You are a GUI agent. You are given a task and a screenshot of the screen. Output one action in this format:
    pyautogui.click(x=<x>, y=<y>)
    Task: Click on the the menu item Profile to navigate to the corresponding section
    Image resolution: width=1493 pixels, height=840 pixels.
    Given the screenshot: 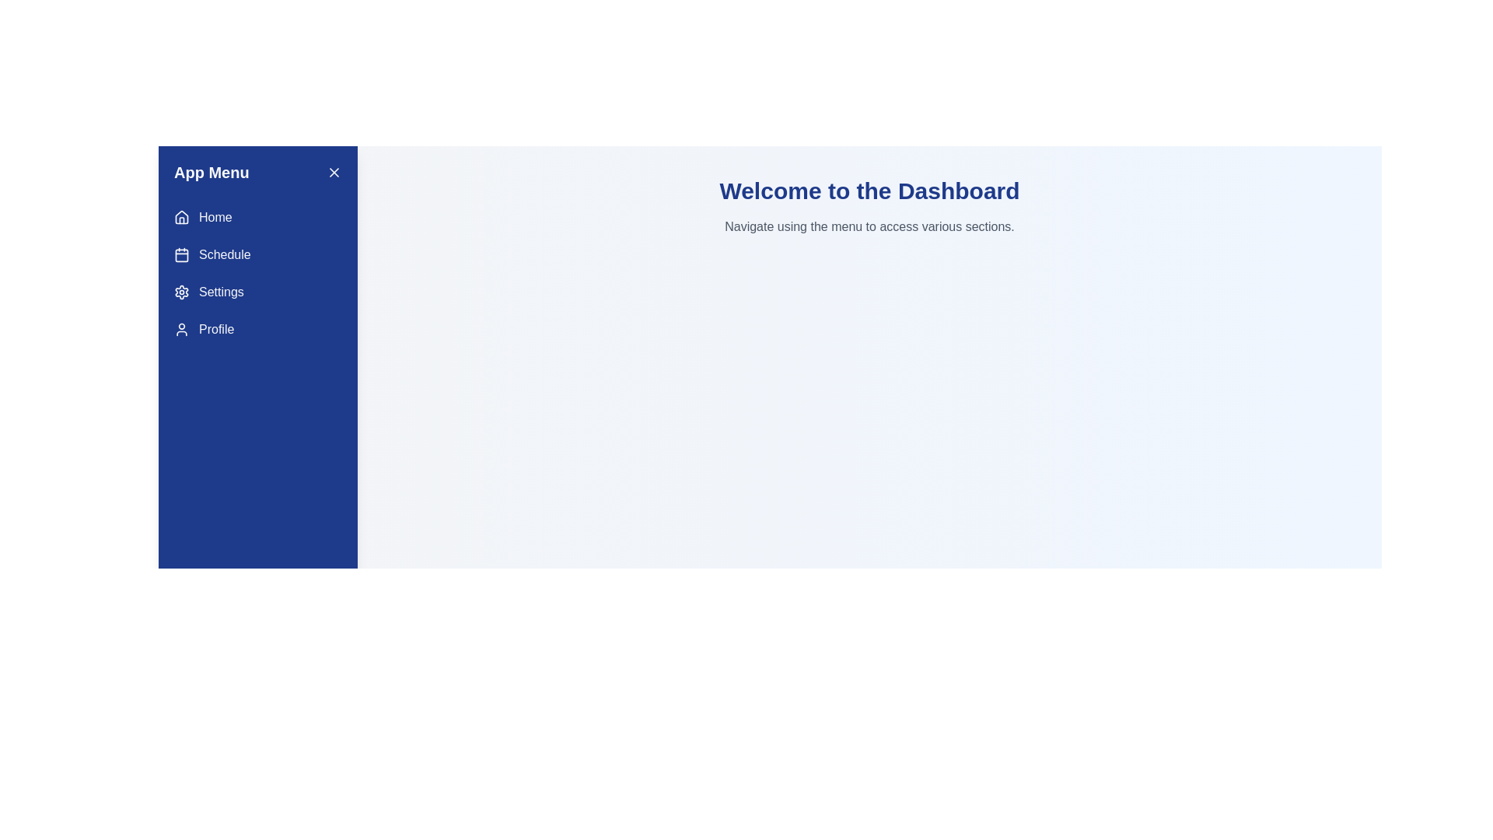 What is the action you would take?
    pyautogui.click(x=257, y=329)
    